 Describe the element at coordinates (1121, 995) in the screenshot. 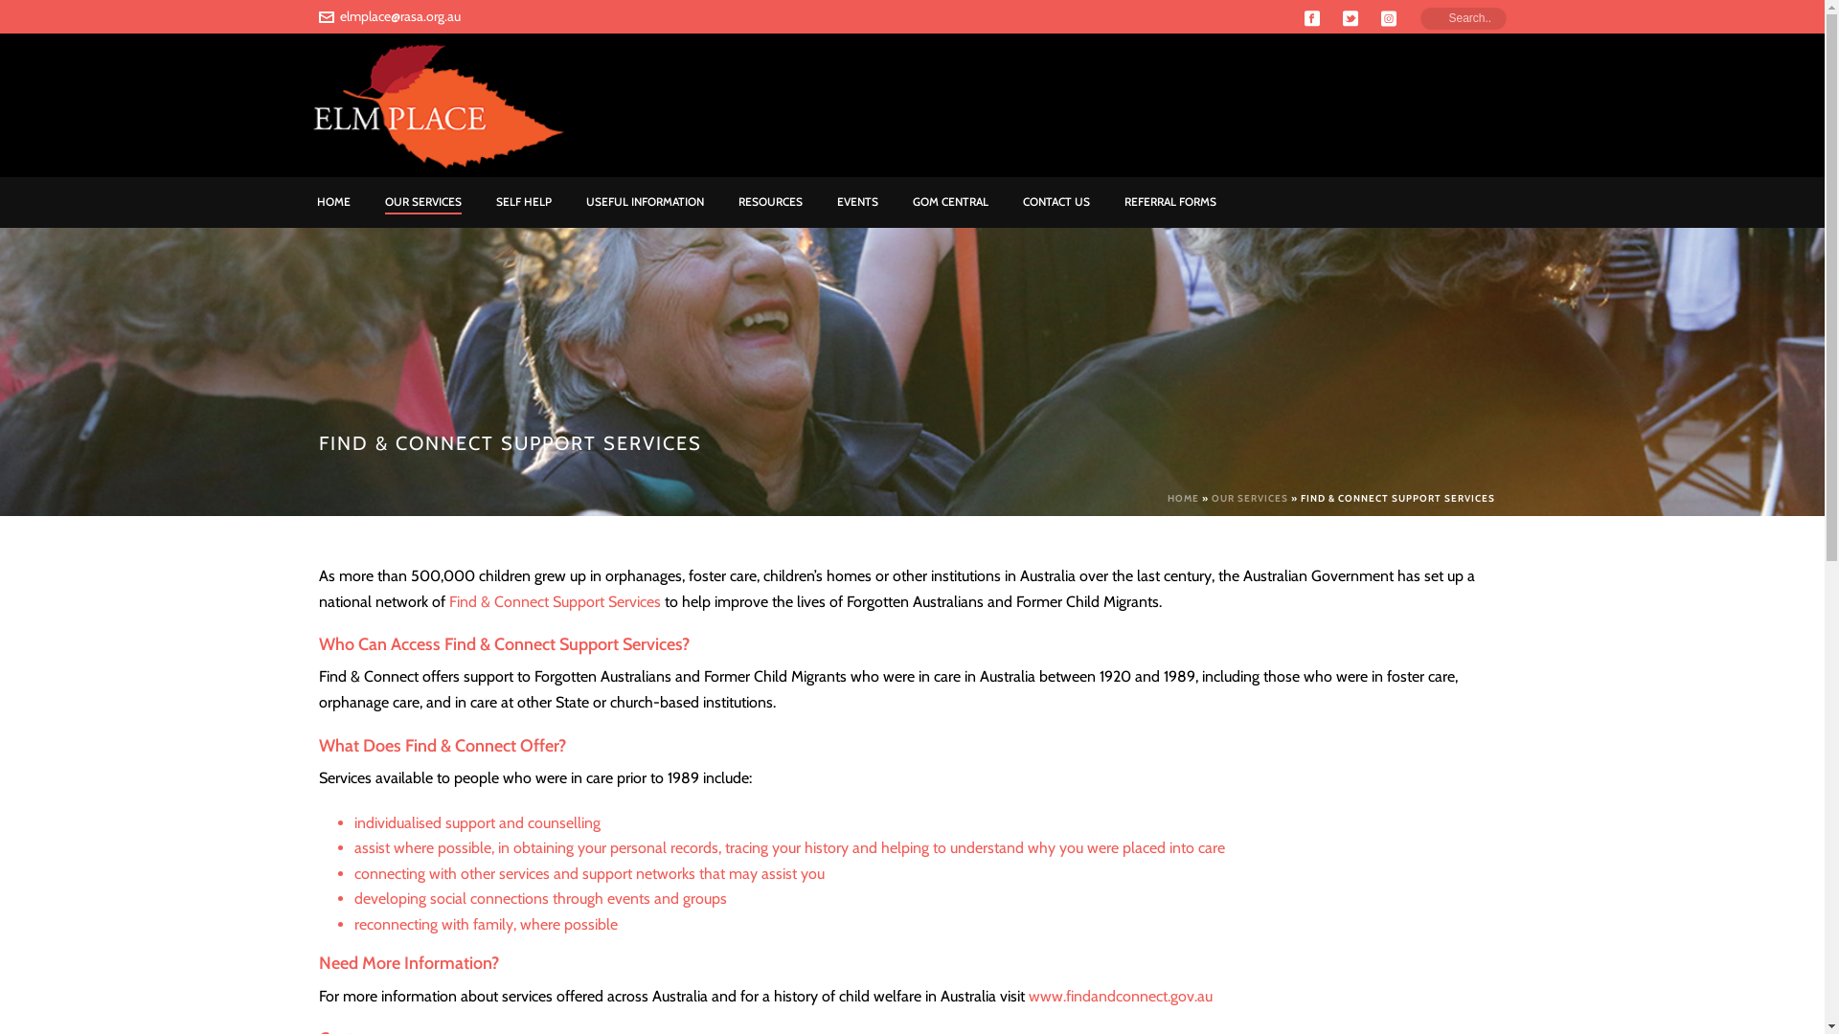

I see `'www.findandconnect.gov.au'` at that location.